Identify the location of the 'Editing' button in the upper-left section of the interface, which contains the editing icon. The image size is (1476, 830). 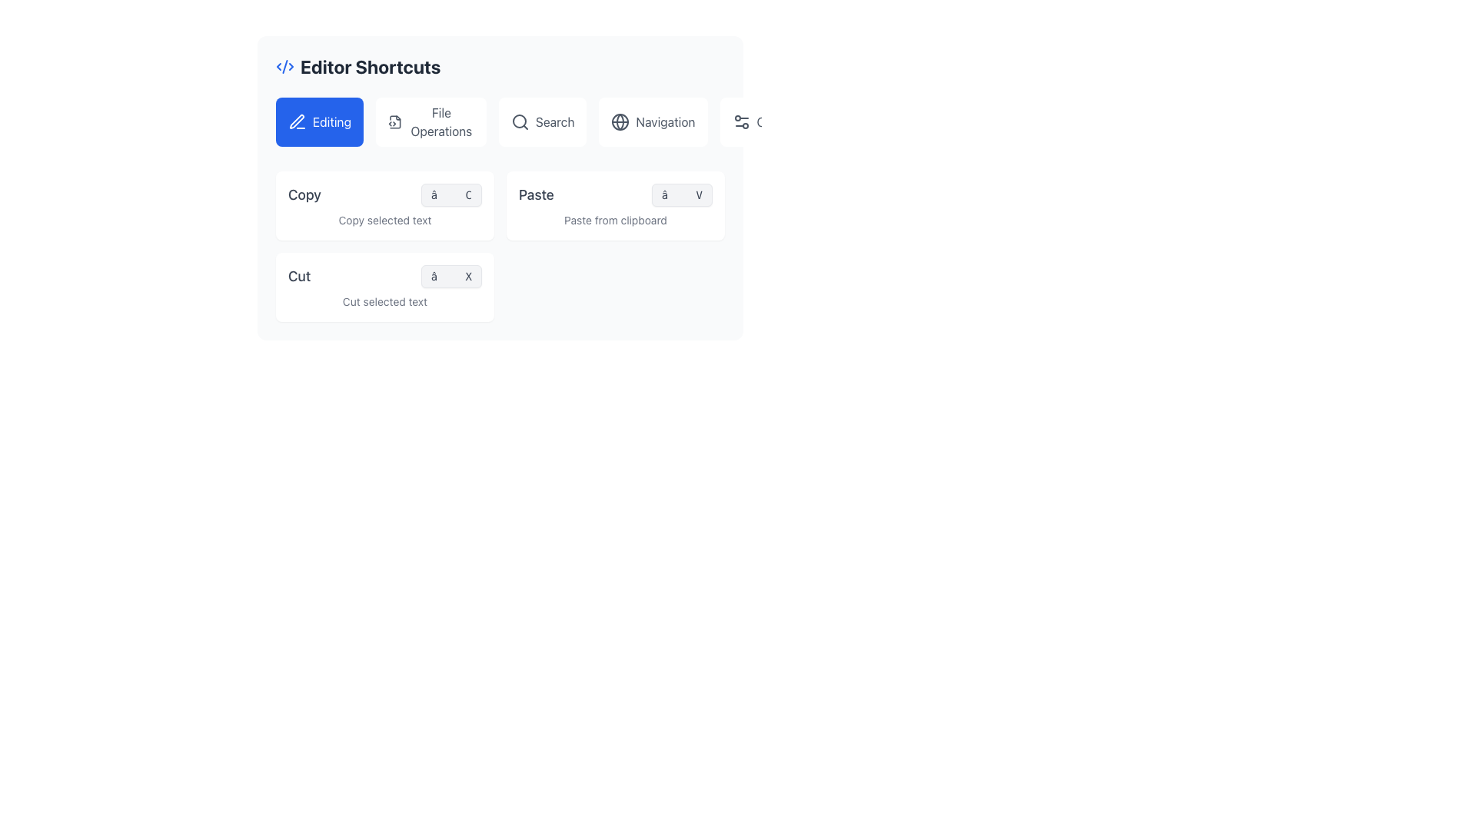
(297, 121).